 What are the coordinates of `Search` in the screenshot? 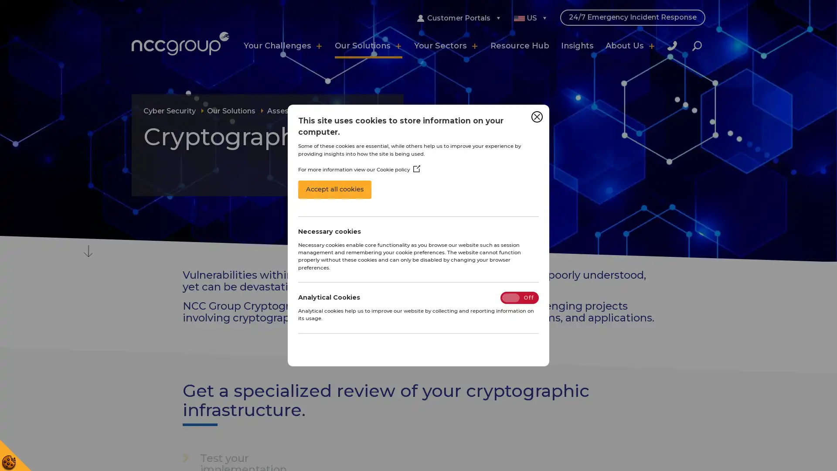 It's located at (699, 46).